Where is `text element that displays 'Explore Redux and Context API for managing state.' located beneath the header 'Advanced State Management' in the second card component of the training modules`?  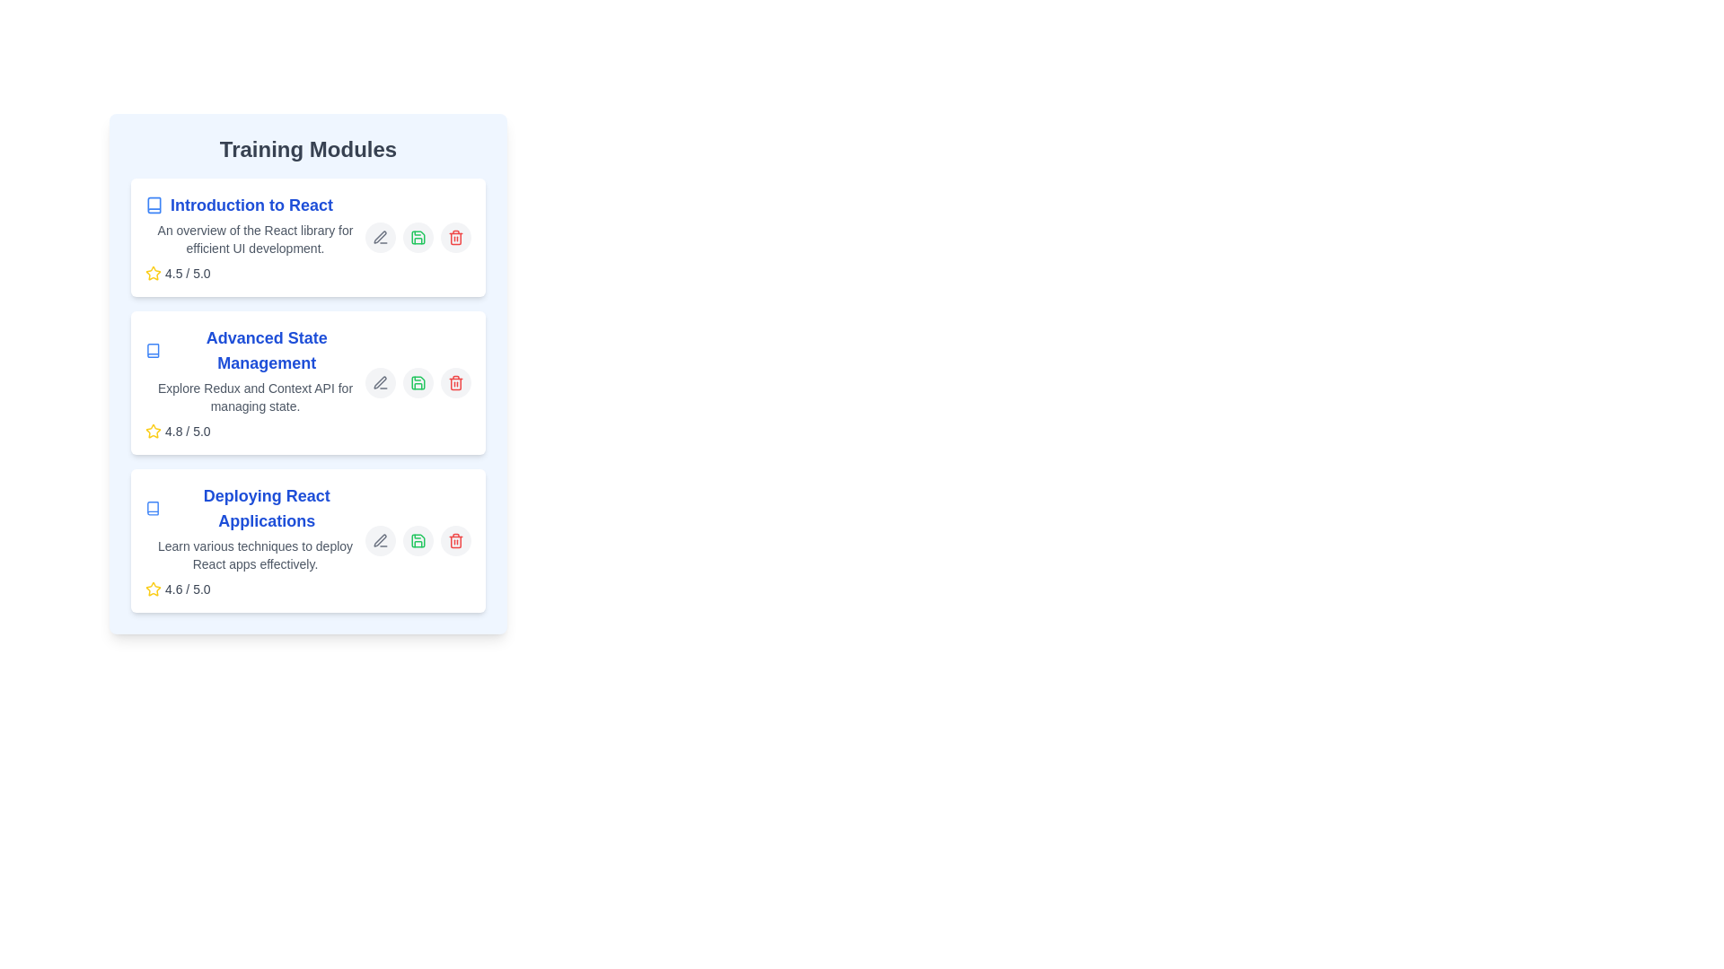
text element that displays 'Explore Redux and Context API for managing state.' located beneath the header 'Advanced State Management' in the second card component of the training modules is located at coordinates (254, 397).